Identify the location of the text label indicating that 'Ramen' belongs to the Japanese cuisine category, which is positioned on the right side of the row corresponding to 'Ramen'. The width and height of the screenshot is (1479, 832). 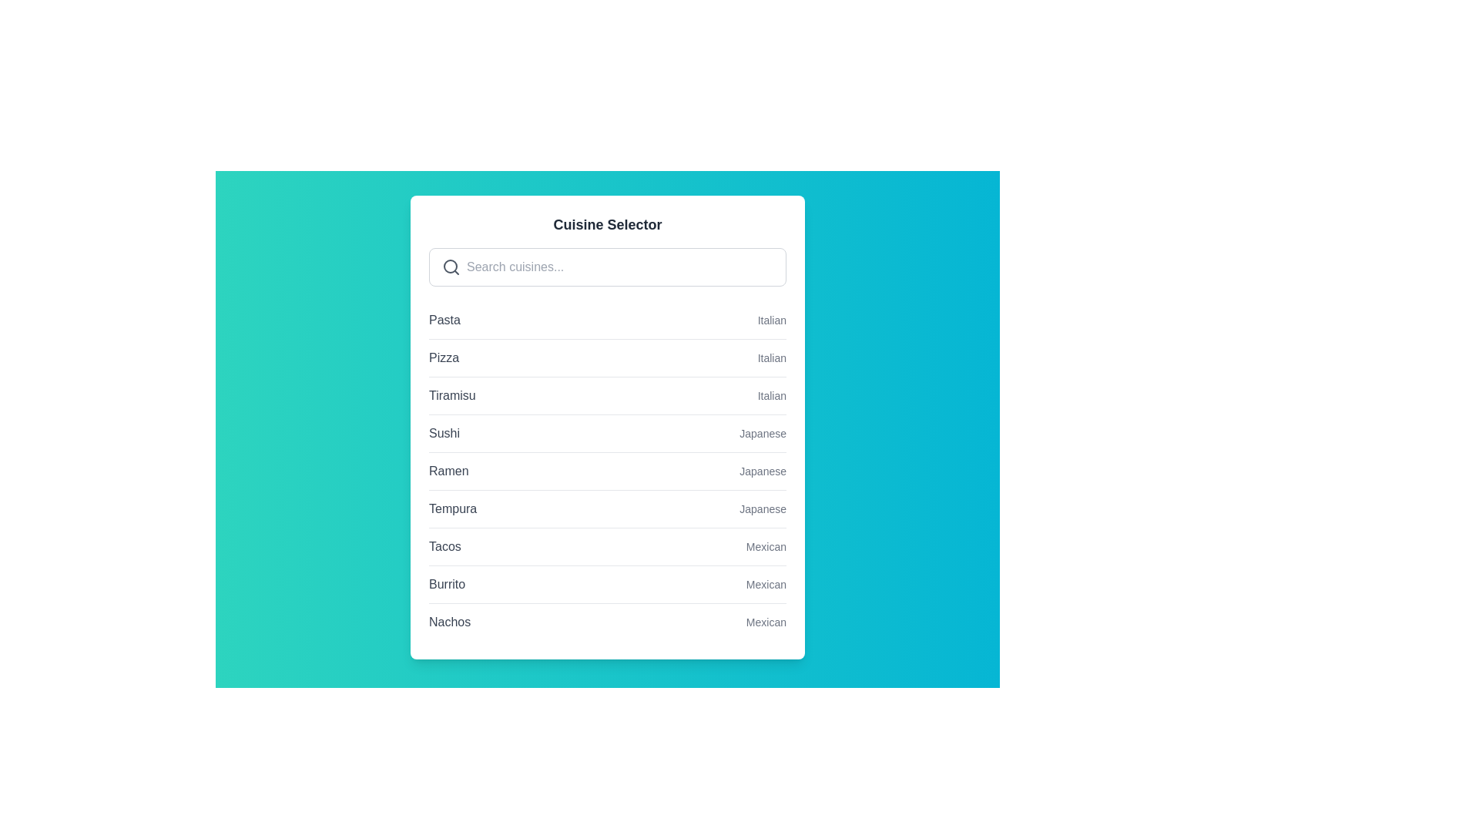
(763, 471).